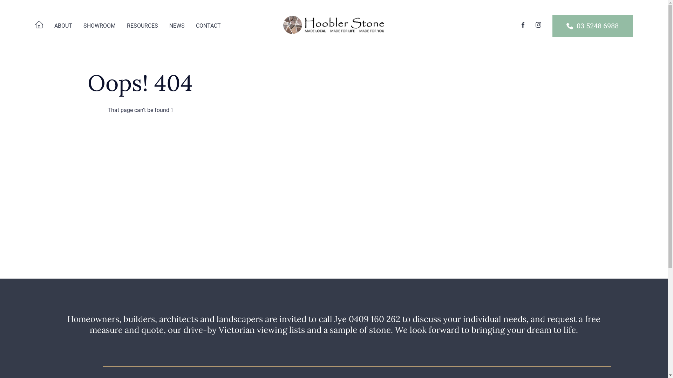  I want to click on 'NEWS', so click(177, 25).